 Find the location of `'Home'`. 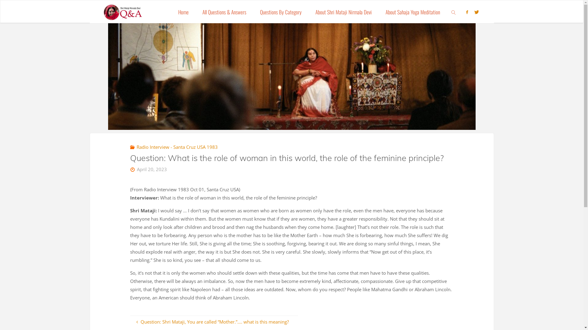

'Home' is located at coordinates (183, 12).